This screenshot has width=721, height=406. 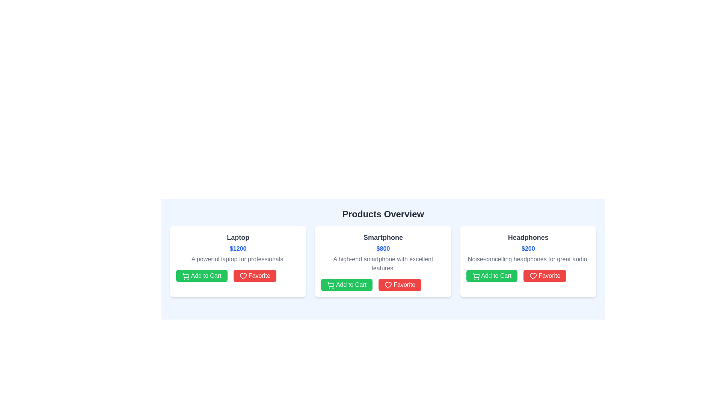 What do you see at coordinates (528, 276) in the screenshot?
I see `the 'Favorite' button located under the description text of the 'Headphones' product in the rightmost product card to observe its hover state` at bounding box center [528, 276].